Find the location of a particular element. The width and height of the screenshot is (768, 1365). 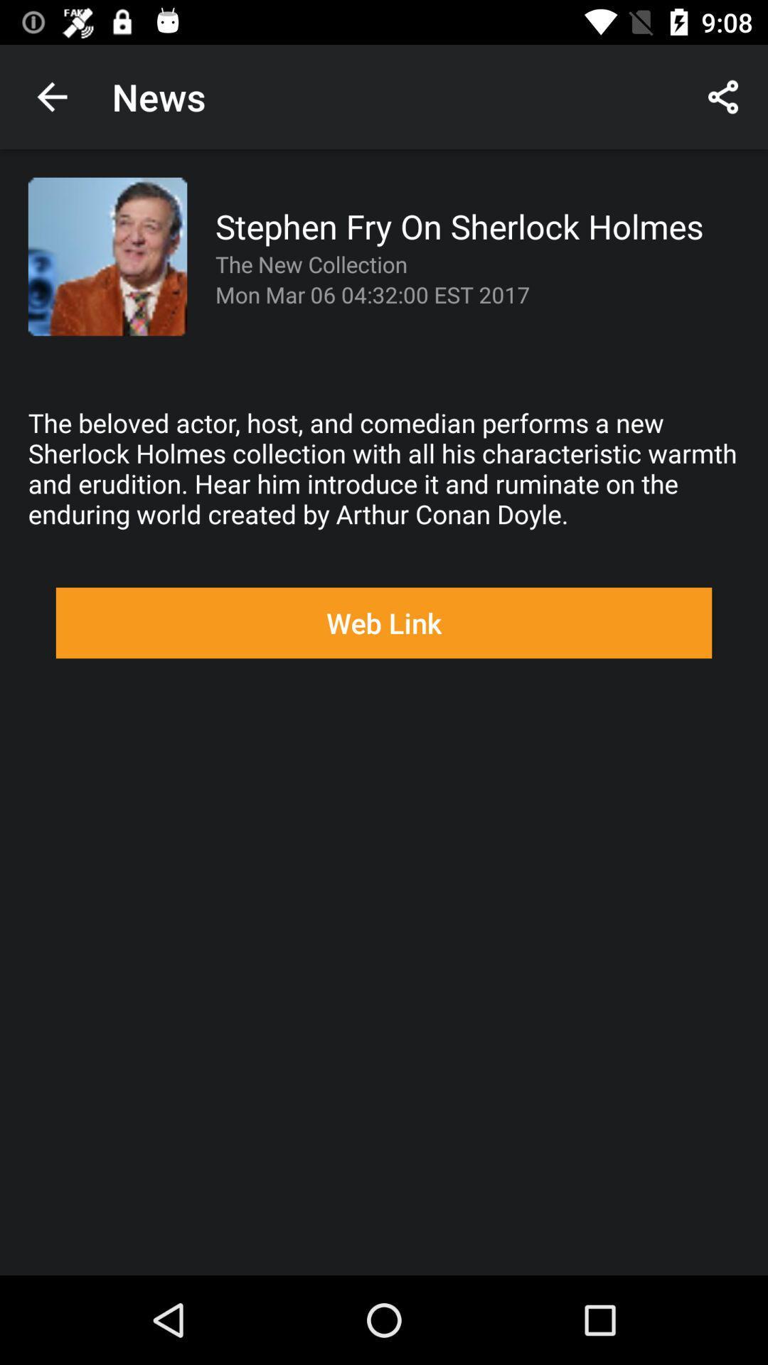

item below the the beloved actor icon is located at coordinates (384, 623).